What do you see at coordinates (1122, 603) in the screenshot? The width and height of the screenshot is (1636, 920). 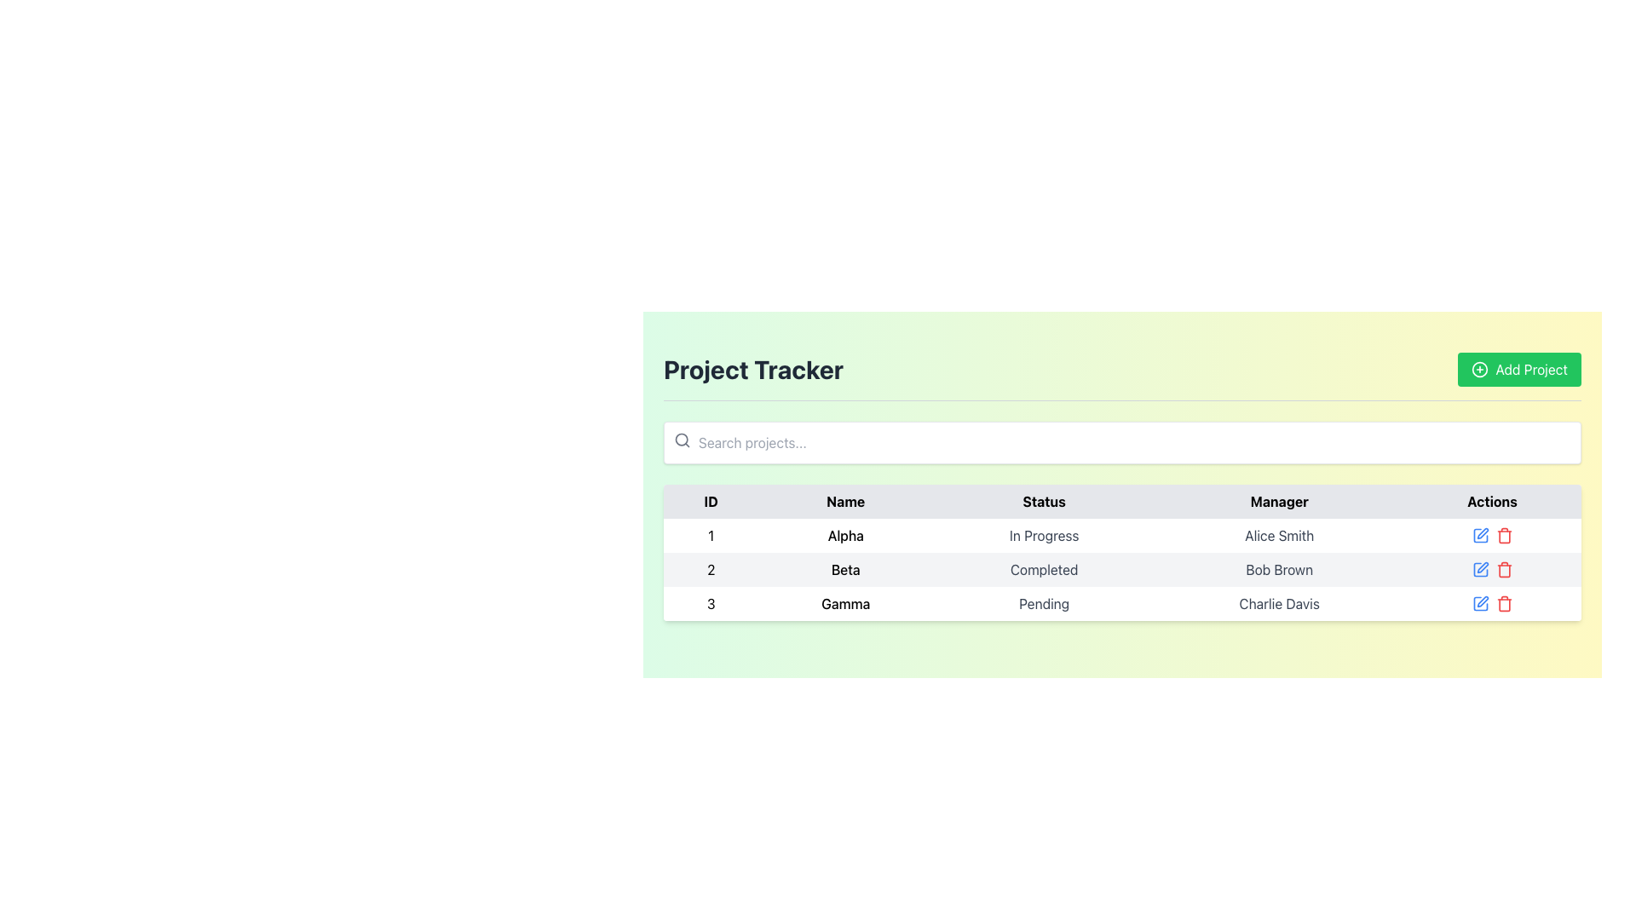 I see `the third row of the project tracker table that displays project ID '3', name 'Gamma', status 'Pending', and manager 'Charlie Davis'` at bounding box center [1122, 603].